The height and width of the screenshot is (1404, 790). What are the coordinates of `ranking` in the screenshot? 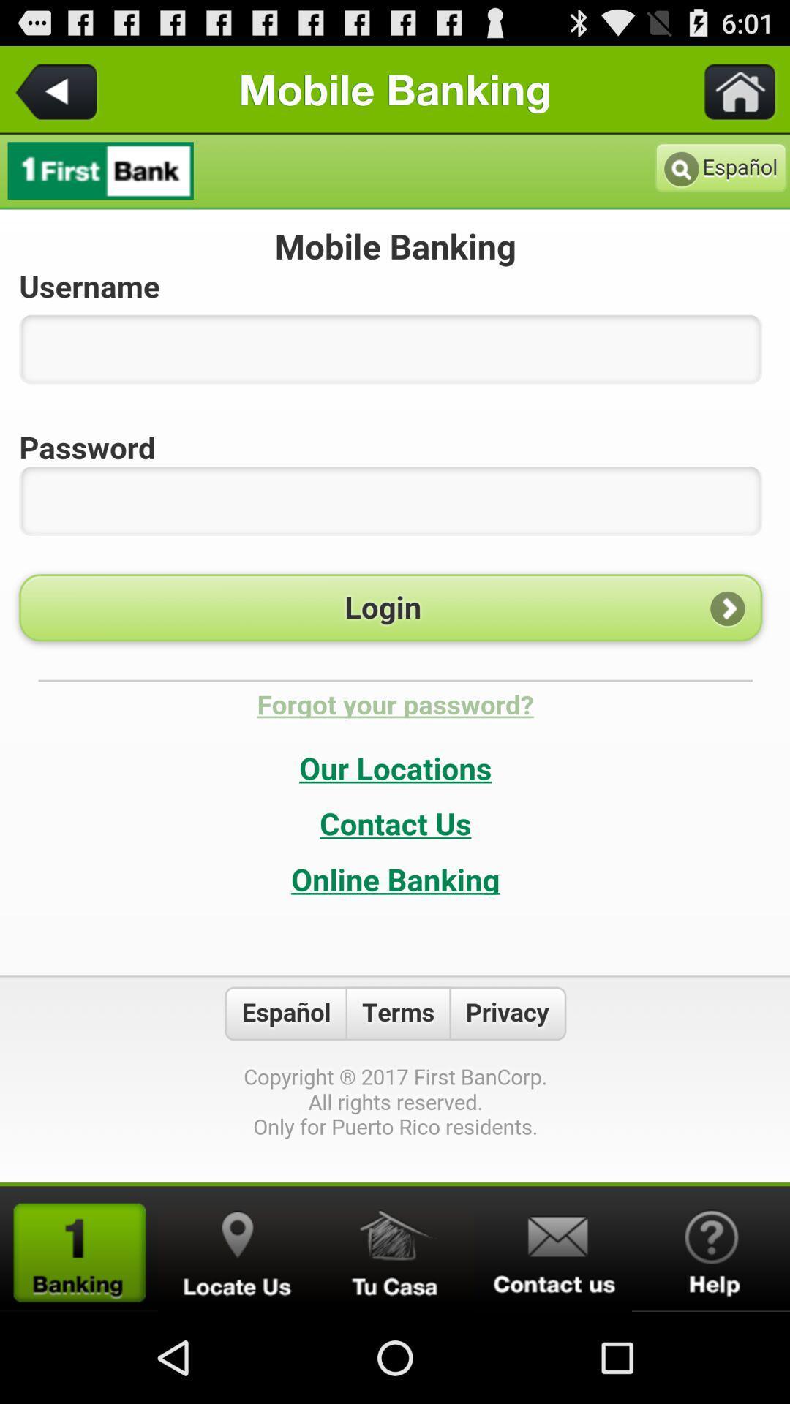 It's located at (79, 1248).